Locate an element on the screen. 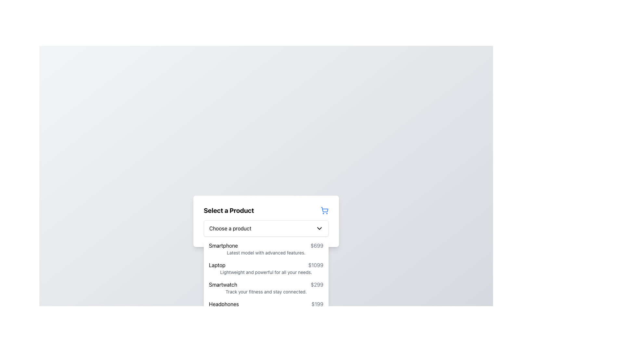 The image size is (624, 351). the descriptive text label reading 'Track your fitness and stay connected.' which is located directly beneath the 'Smartwatch' product title and price in the dropdown-style product selection menu is located at coordinates (266, 292).